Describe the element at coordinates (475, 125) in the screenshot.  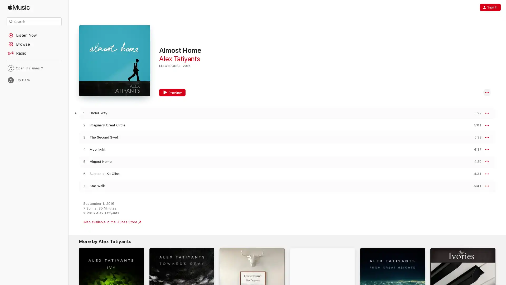
I see `Preview` at that location.